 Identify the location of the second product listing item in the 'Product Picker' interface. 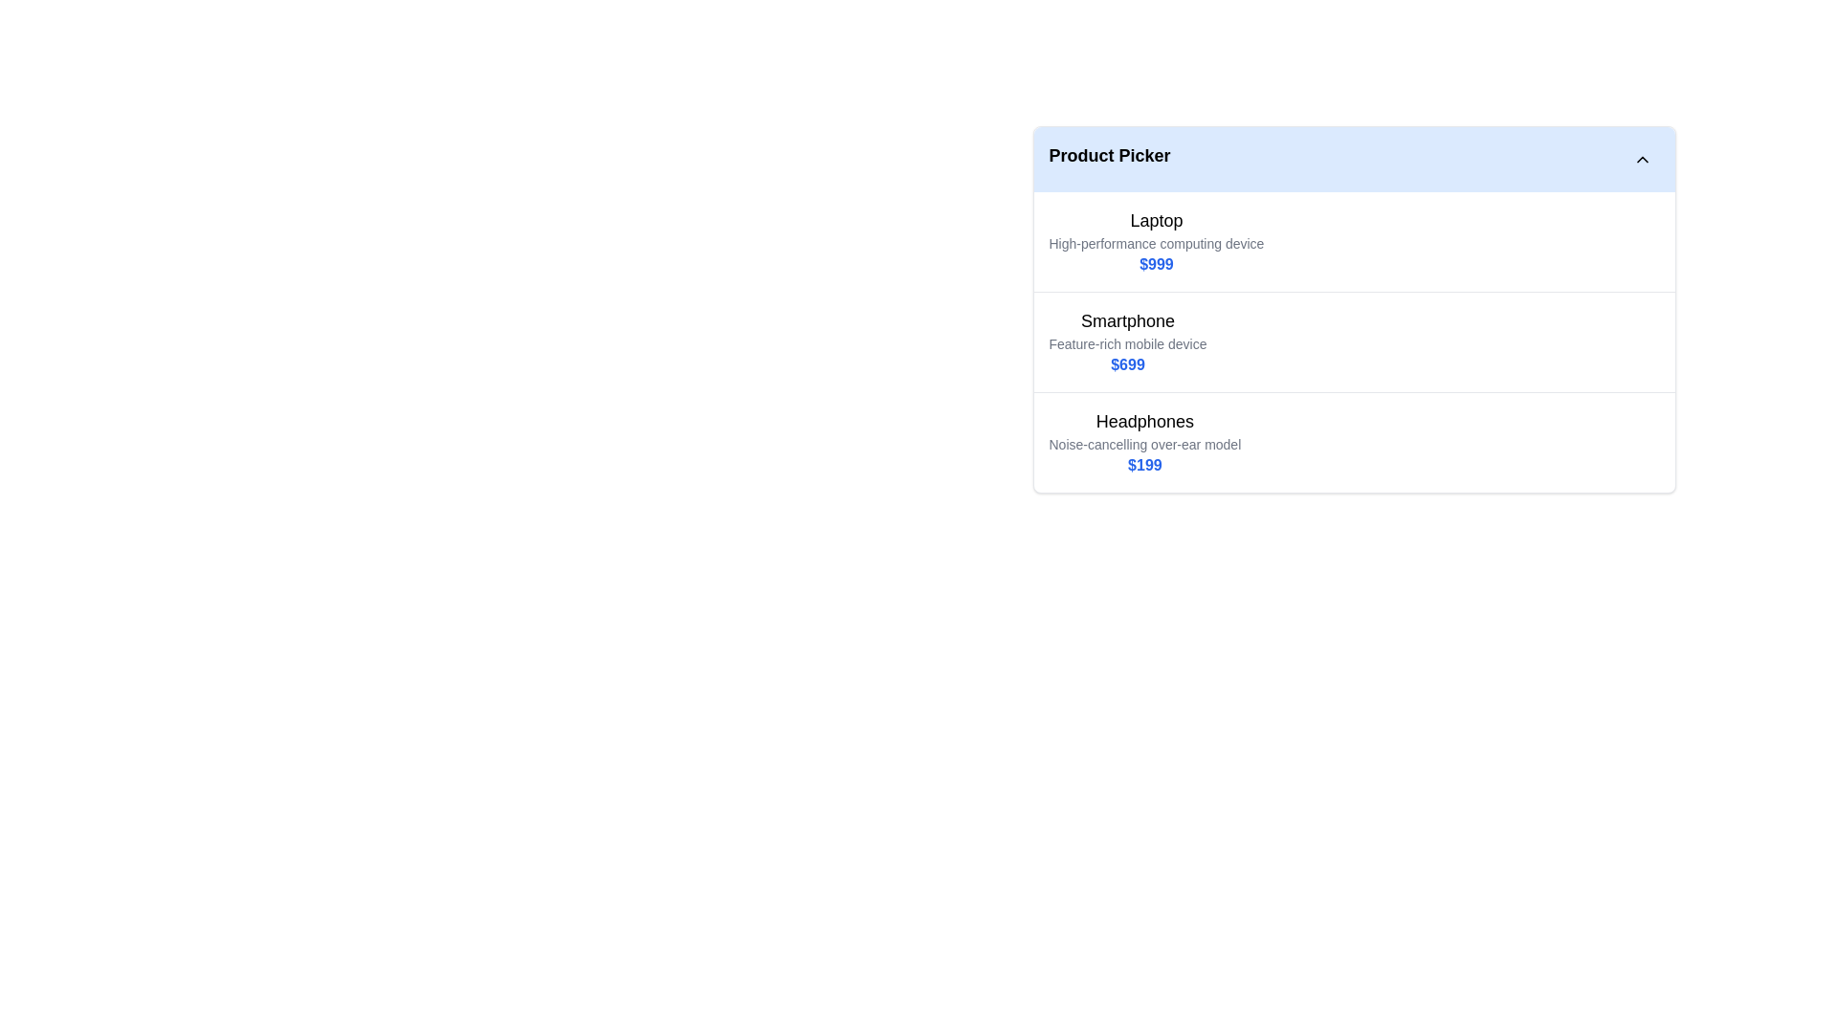
(1353, 341).